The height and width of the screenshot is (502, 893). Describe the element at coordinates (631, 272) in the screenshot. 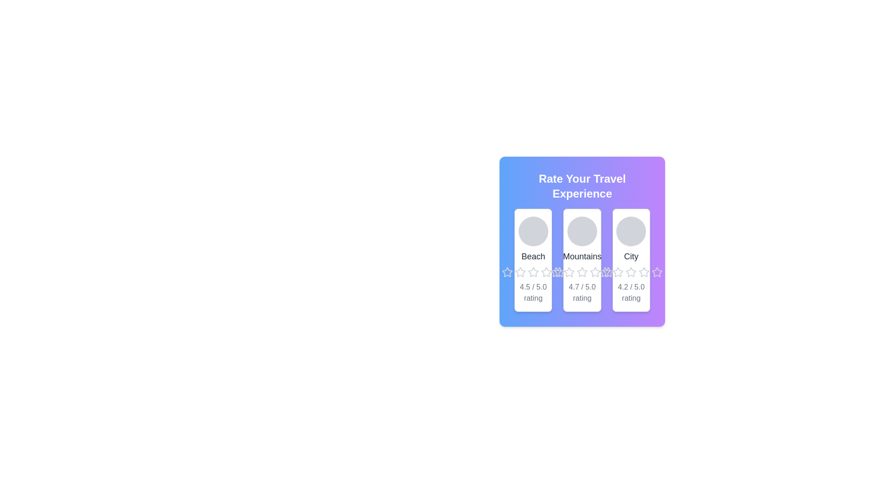

I see `the fifth star icon in the horizontal row of rating icons located under the card labeled 'City', which is the third card in the series under 'Rate Your Travel Experience'` at that location.